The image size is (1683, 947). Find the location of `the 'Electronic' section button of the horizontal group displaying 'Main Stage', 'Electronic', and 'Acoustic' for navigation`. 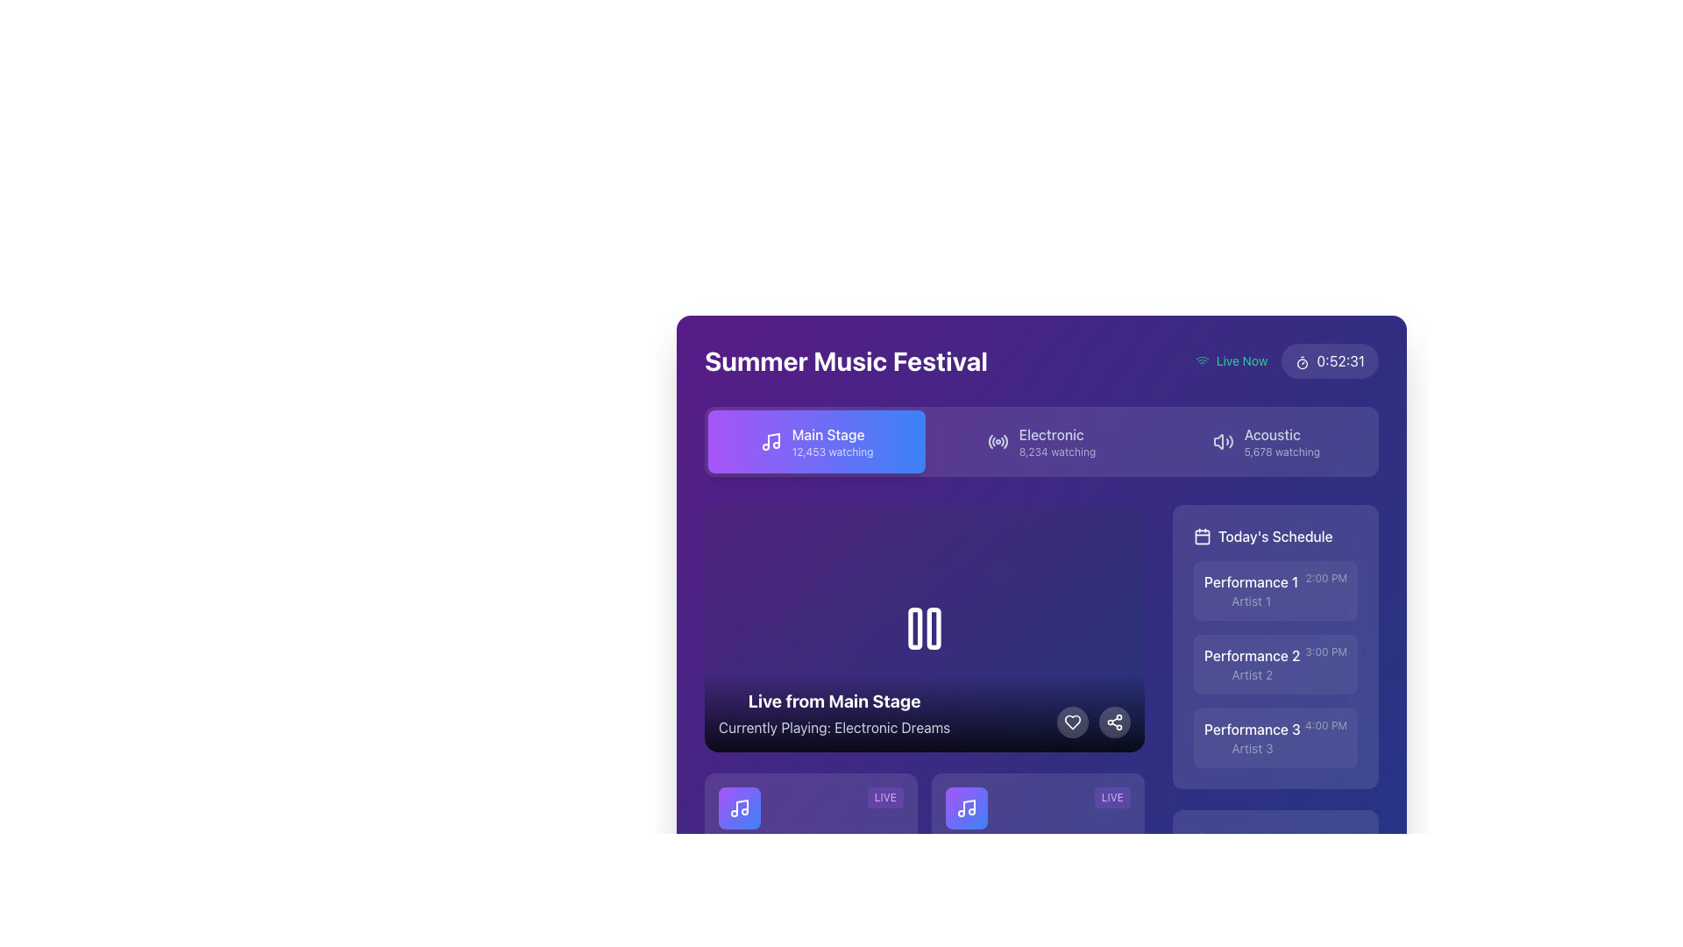

the 'Electronic' section button of the horizontal group displaying 'Main Stage', 'Electronic', and 'Acoustic' for navigation is located at coordinates (1041, 441).